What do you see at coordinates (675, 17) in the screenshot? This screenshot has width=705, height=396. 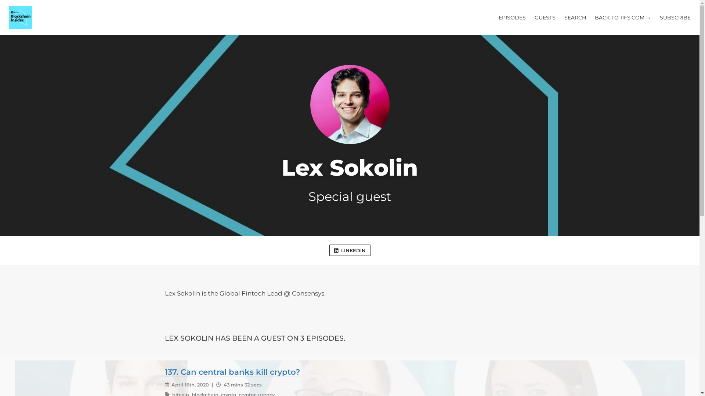 I see `'SUBSCRIBE'` at bounding box center [675, 17].